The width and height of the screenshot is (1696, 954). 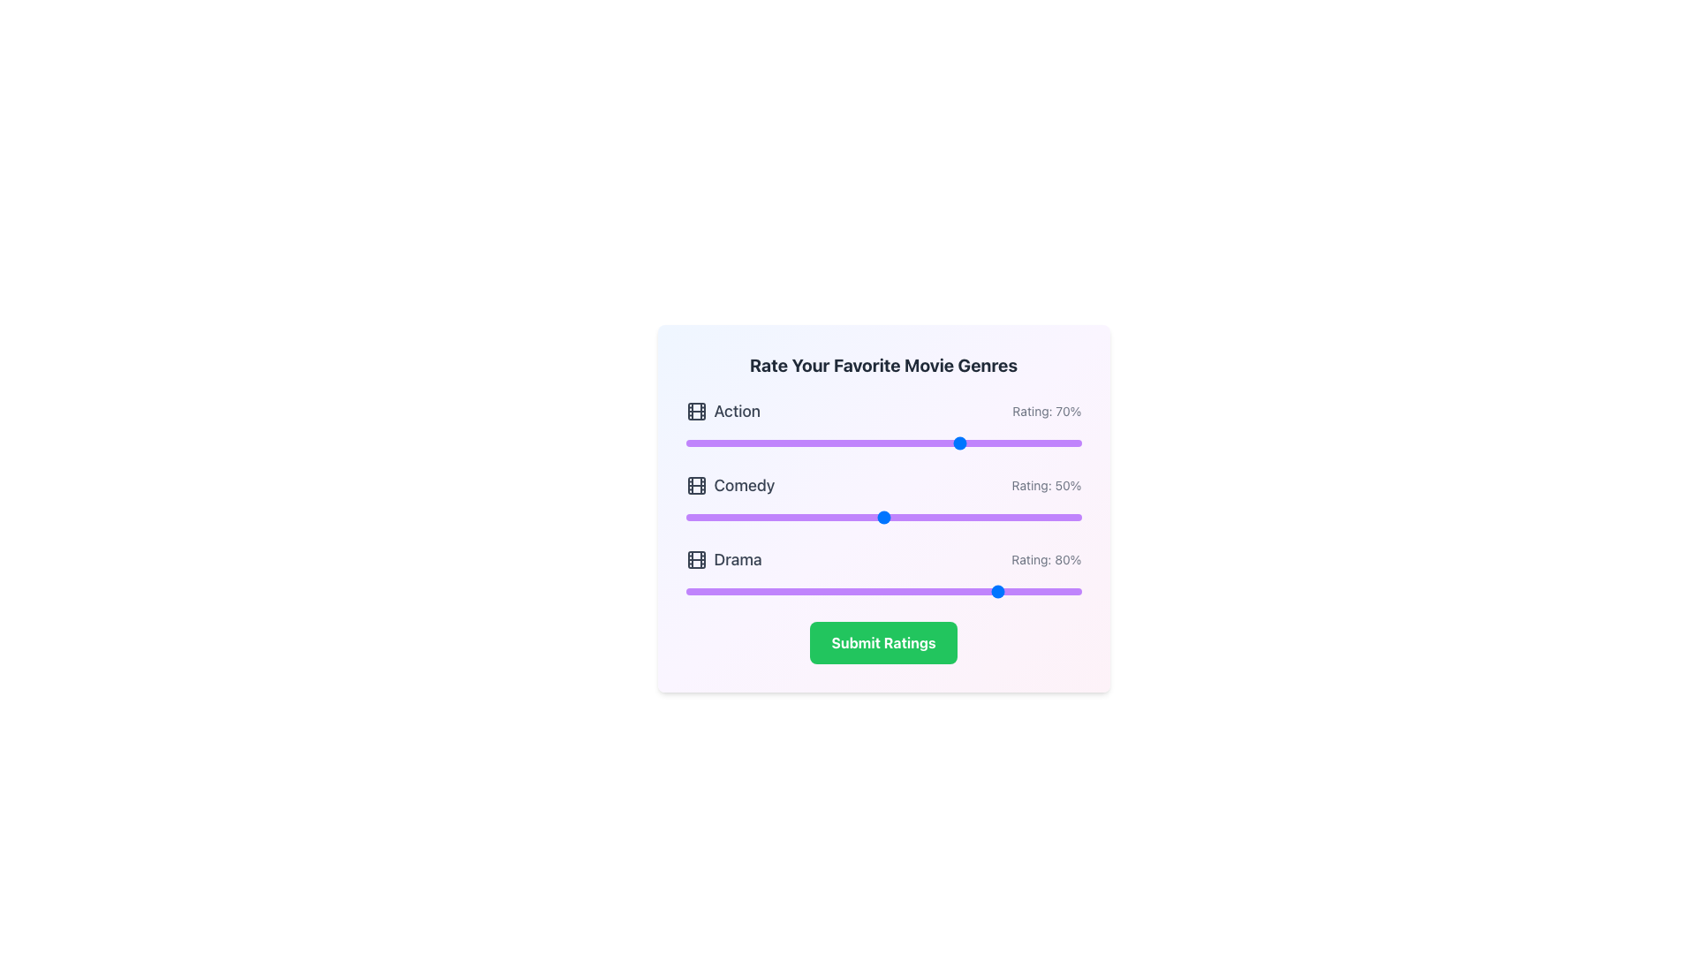 I want to click on the 'Submit Ratings' button, which is a green rectangular button with rounded edges located at the bottom center of the interface, below the rating sliders, so click(x=883, y=643).